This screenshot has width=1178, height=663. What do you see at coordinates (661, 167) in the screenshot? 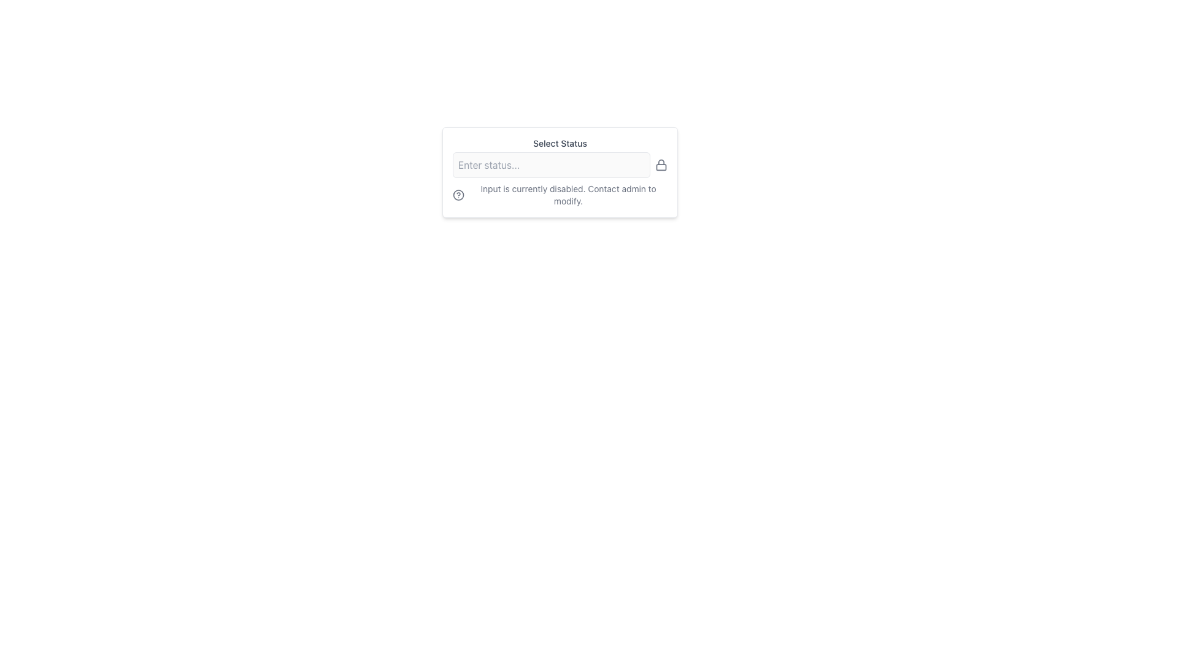
I see `the lock icon that indicates the adjacent text input field is non-editable or protected, located near the right of the text input bar` at bounding box center [661, 167].